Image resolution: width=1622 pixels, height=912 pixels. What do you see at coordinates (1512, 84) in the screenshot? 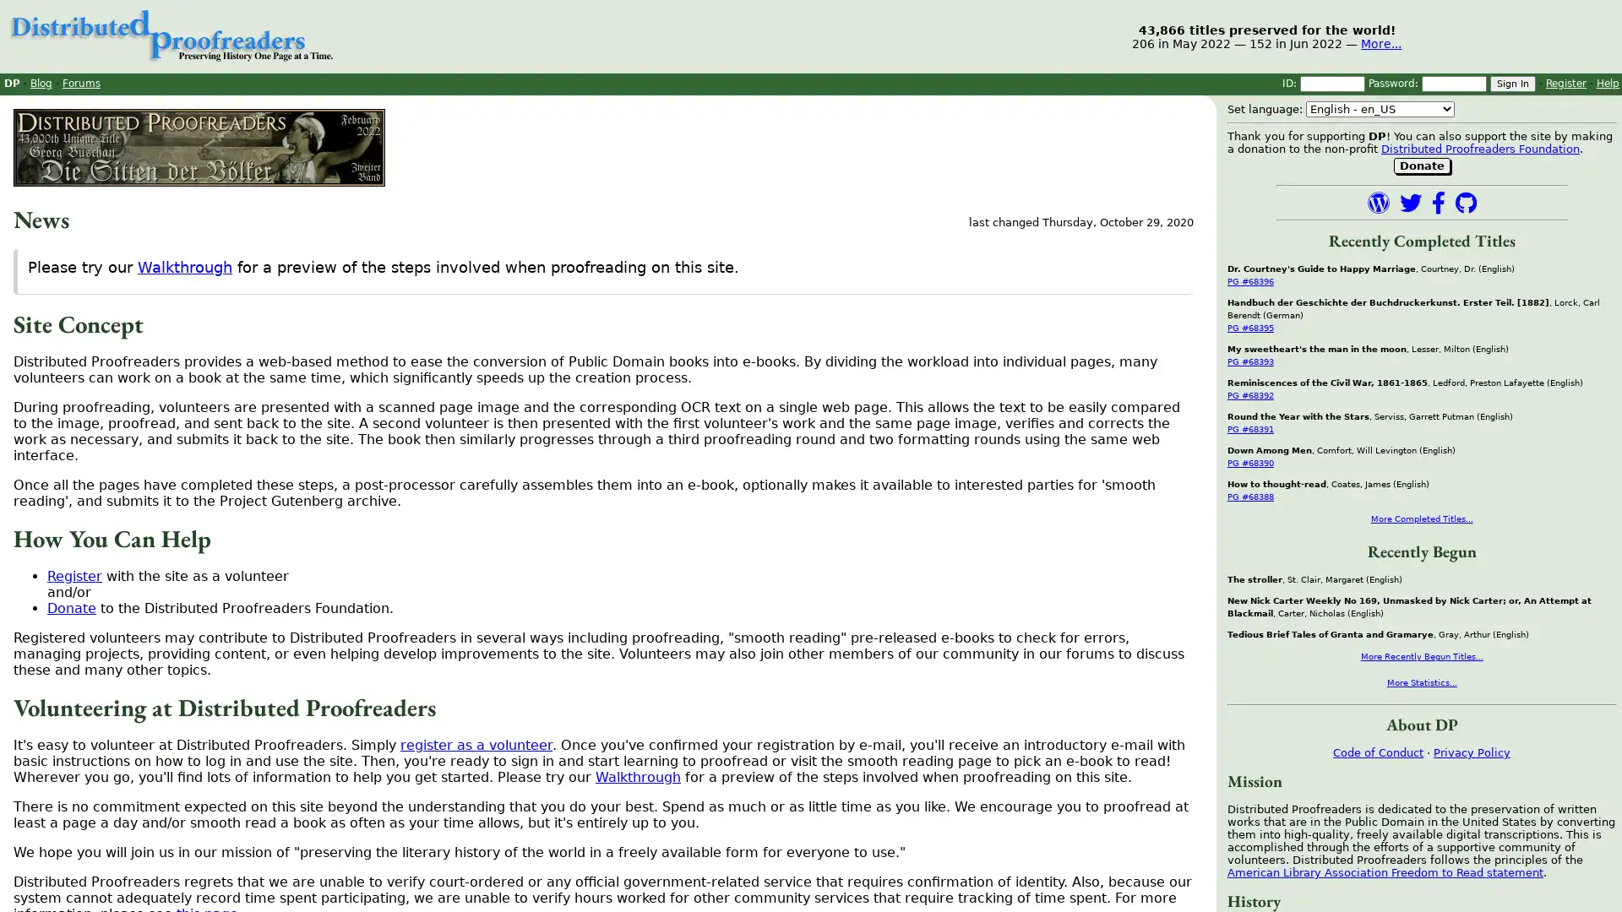
I see `Sign In` at bounding box center [1512, 84].